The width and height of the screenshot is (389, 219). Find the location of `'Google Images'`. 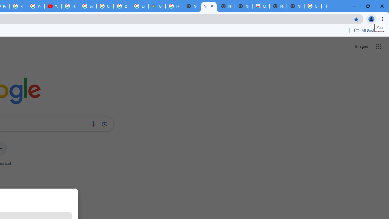

'Google Images' is located at coordinates (313, 6).